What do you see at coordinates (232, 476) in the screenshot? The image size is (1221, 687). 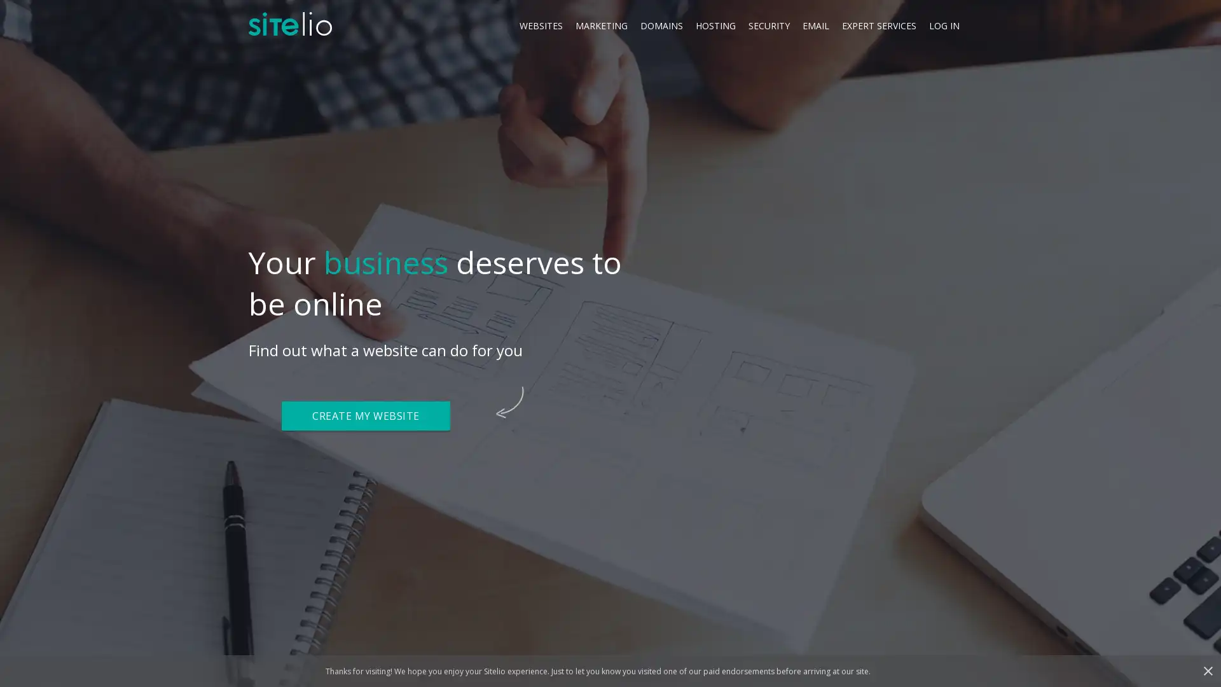 I see `Close` at bounding box center [232, 476].